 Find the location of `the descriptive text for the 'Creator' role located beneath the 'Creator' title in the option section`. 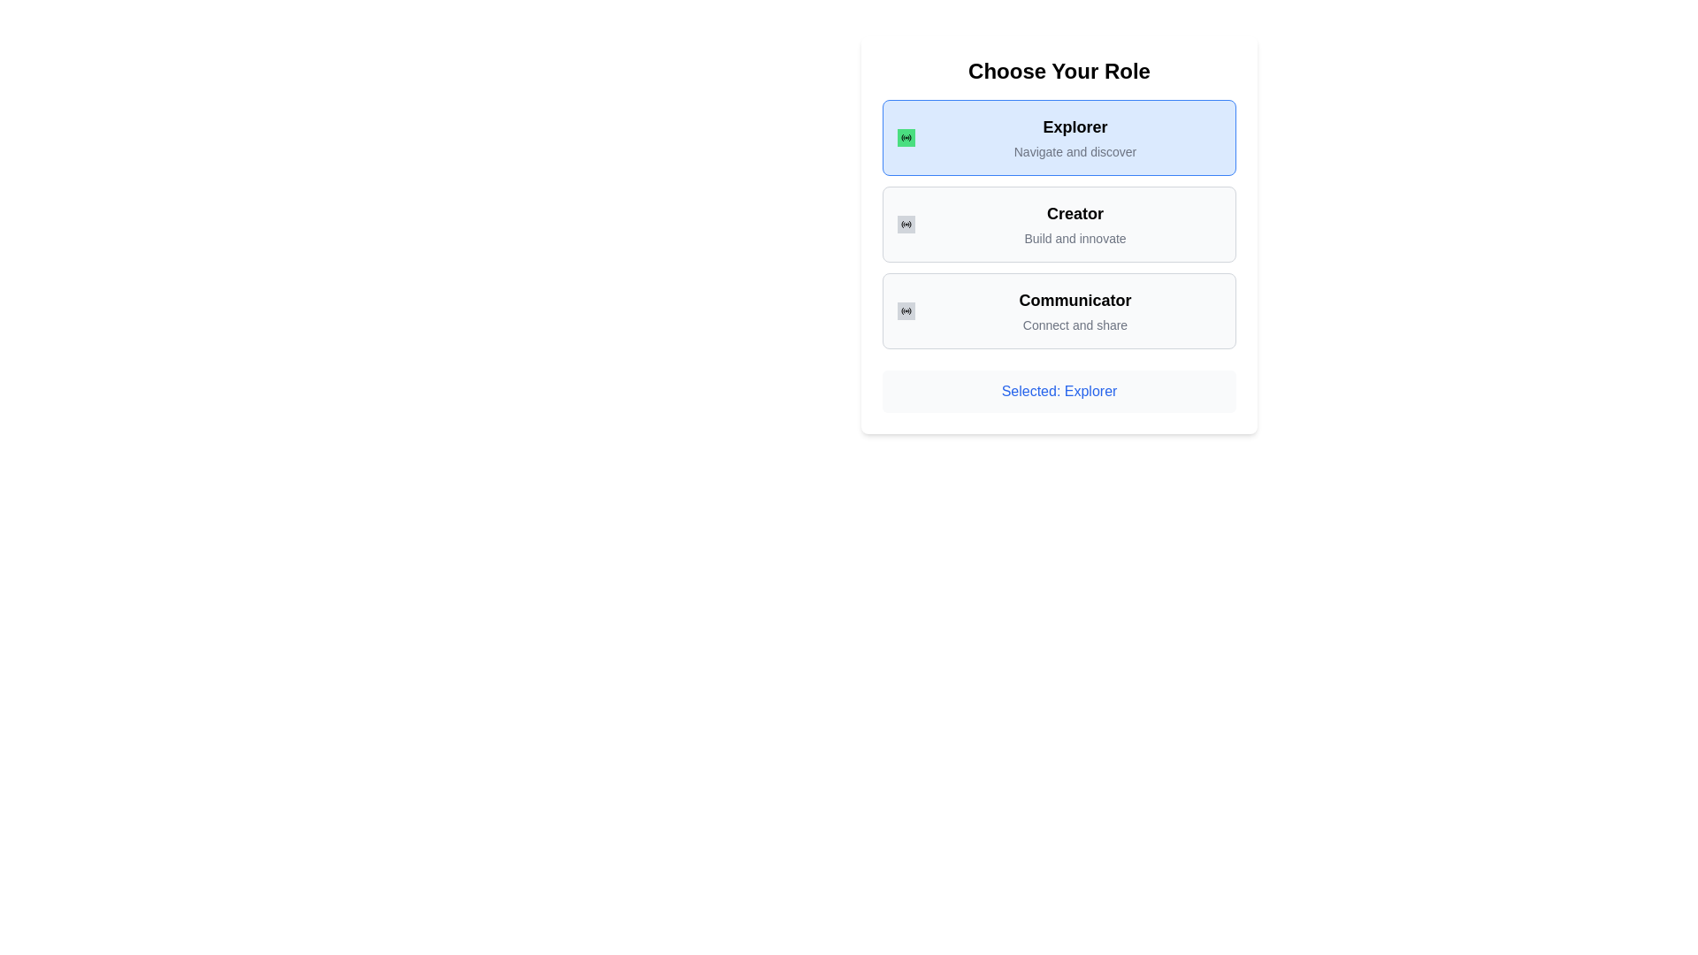

the descriptive text for the 'Creator' role located beneath the 'Creator' title in the option section is located at coordinates (1074, 239).